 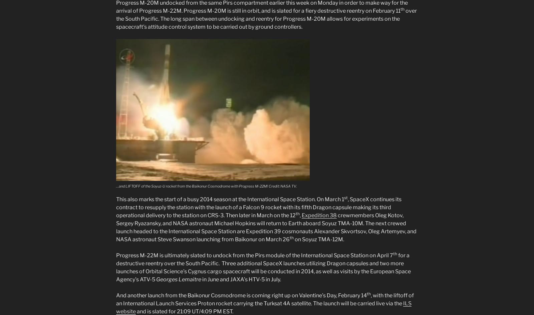 I want to click on 'Progress M-22M is ultimately slated to undock from the Pirs module of the International Space Station on April 7', so click(x=255, y=255).